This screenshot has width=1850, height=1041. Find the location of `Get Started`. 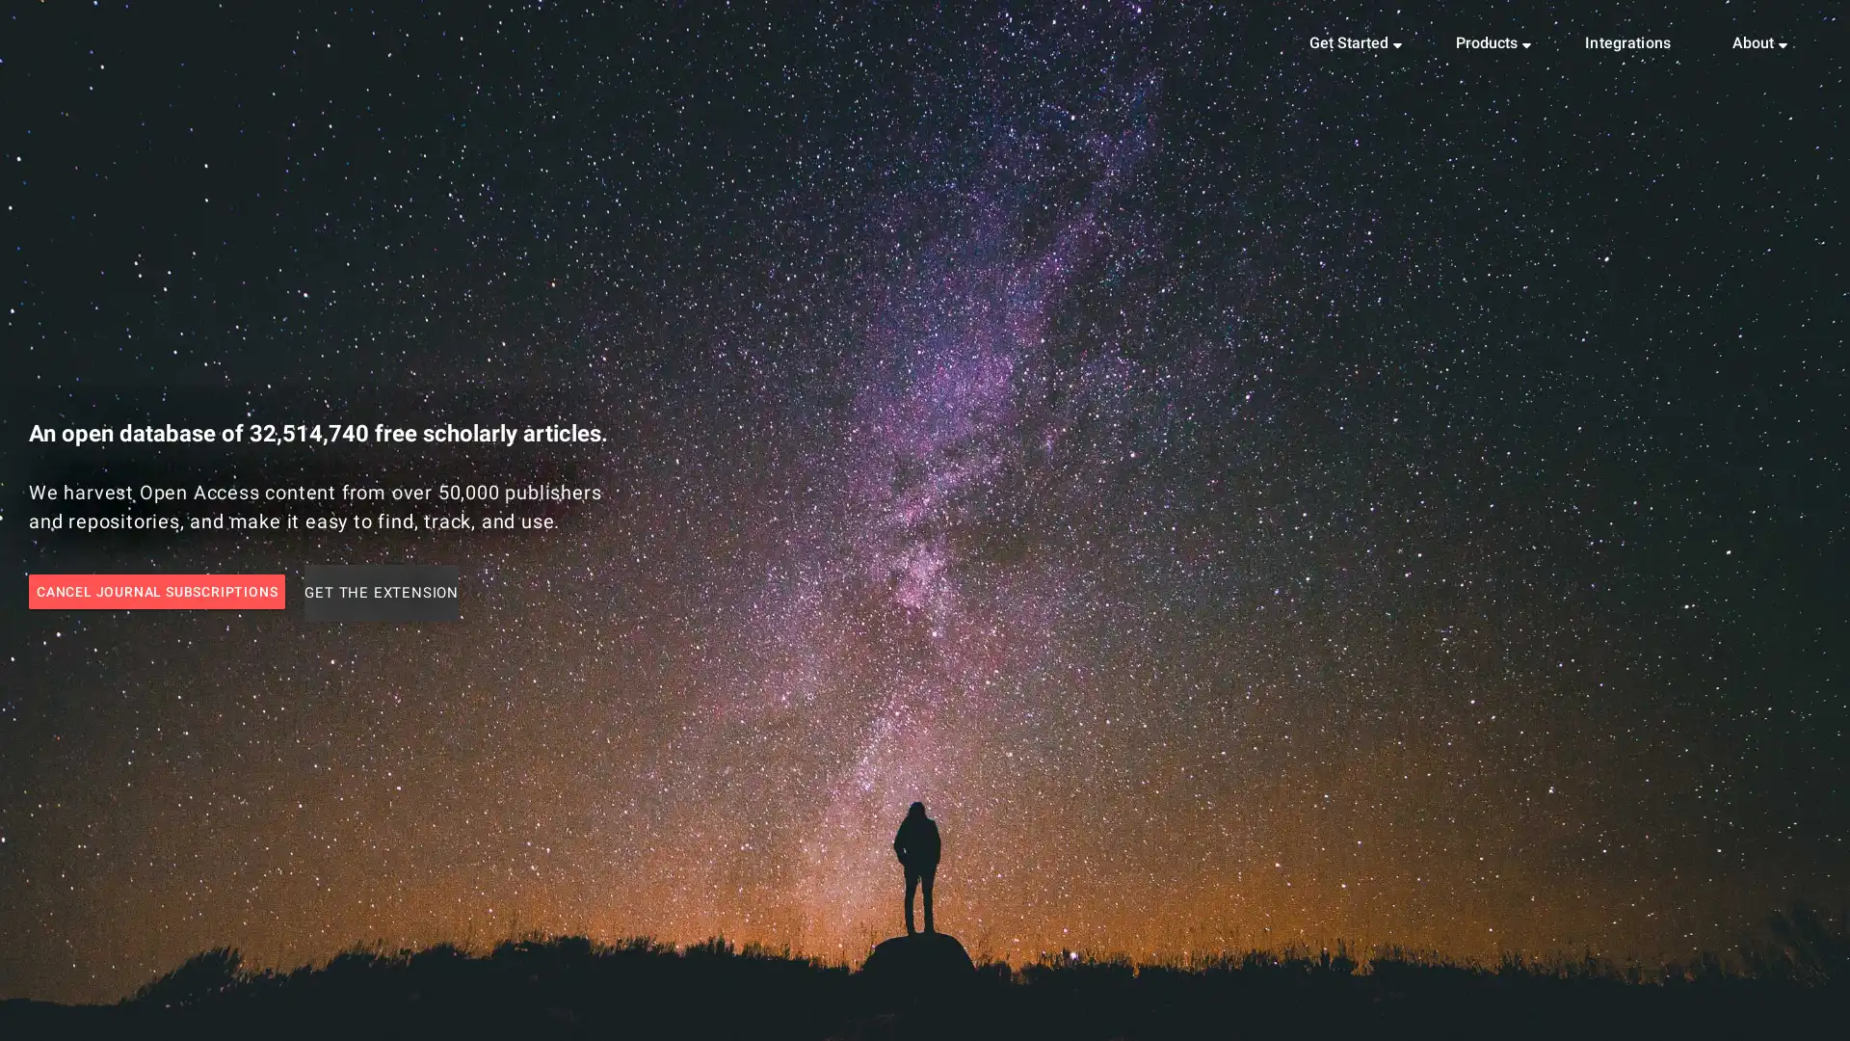

Get Started is located at coordinates (1354, 41).